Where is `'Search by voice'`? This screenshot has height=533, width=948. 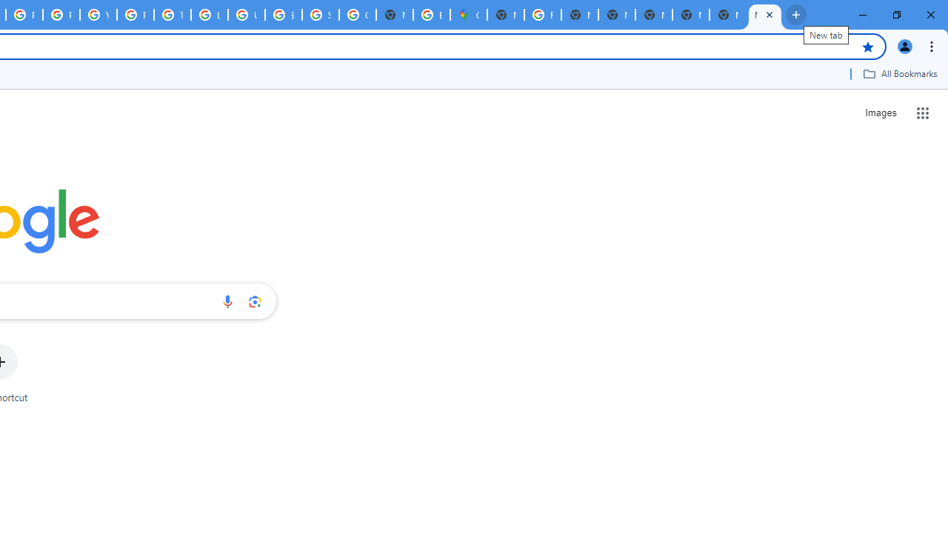 'Search by voice' is located at coordinates (227, 301).